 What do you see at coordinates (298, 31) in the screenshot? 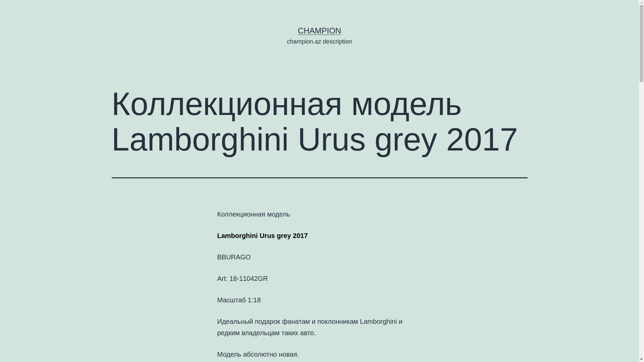
I see `'CHAMPION'` at bounding box center [298, 31].